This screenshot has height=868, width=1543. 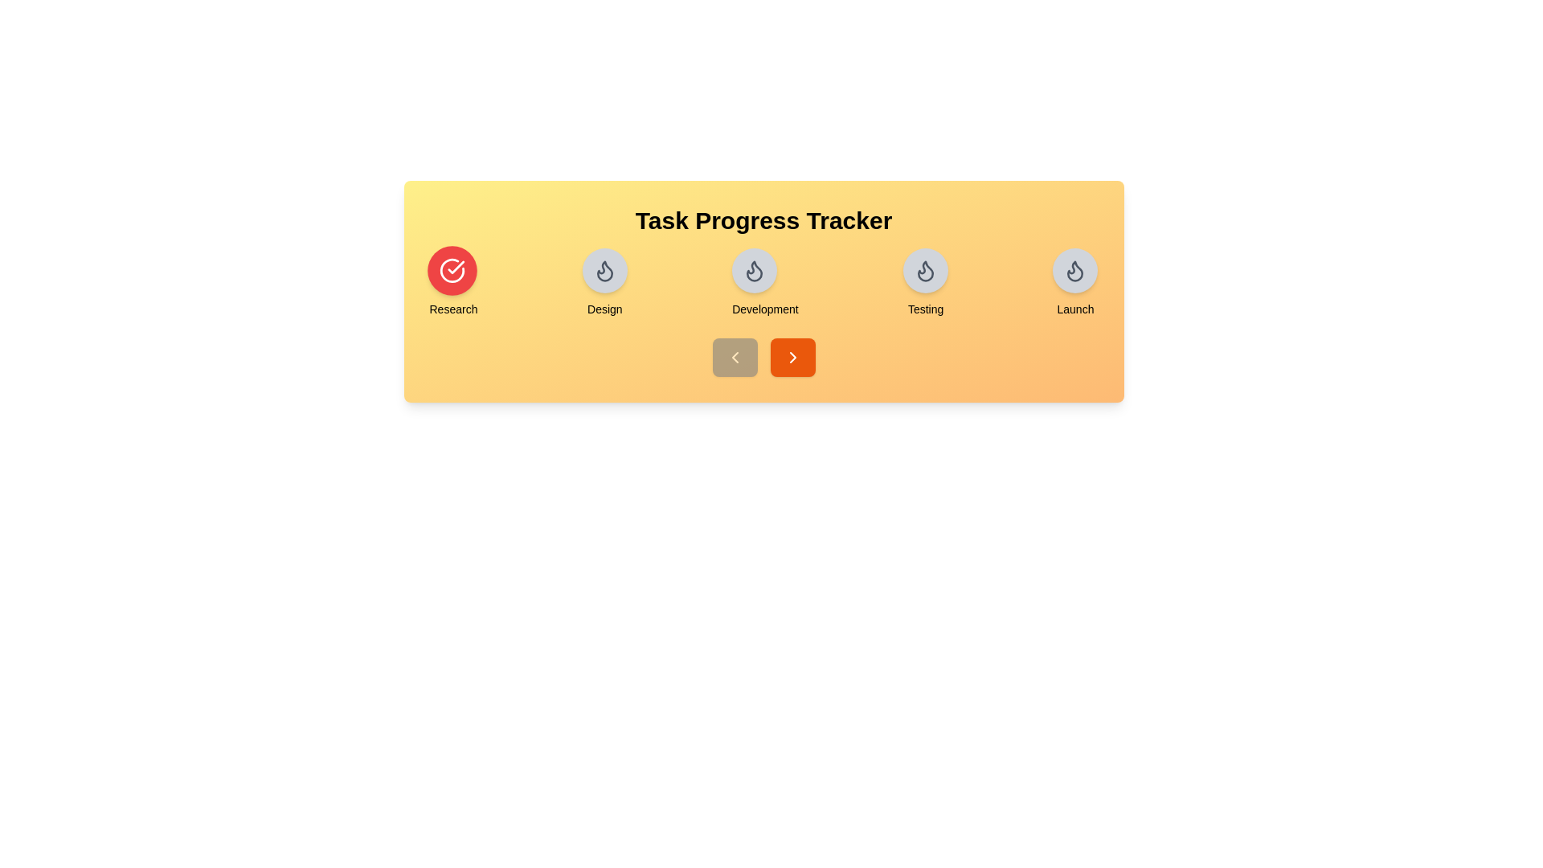 I want to click on the 'Design' phase icon button in the task progress tracker, which is the second circular button from the left under the 'Task Progress Tracker' title, so click(x=604, y=269).